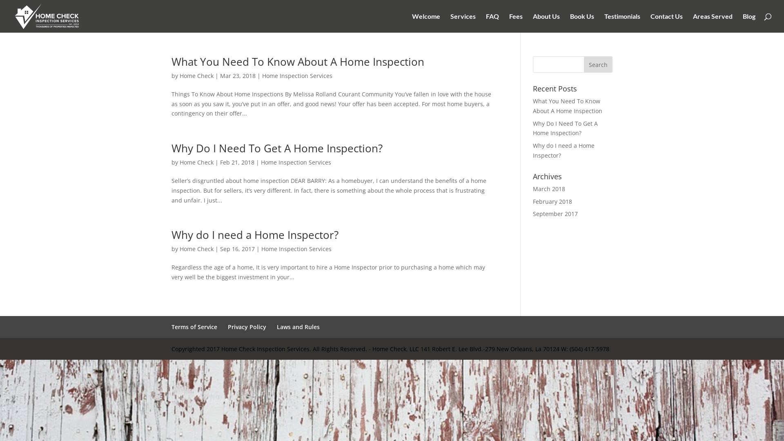  I want to click on 'Why do I need a Home Inspector?', so click(563, 150).